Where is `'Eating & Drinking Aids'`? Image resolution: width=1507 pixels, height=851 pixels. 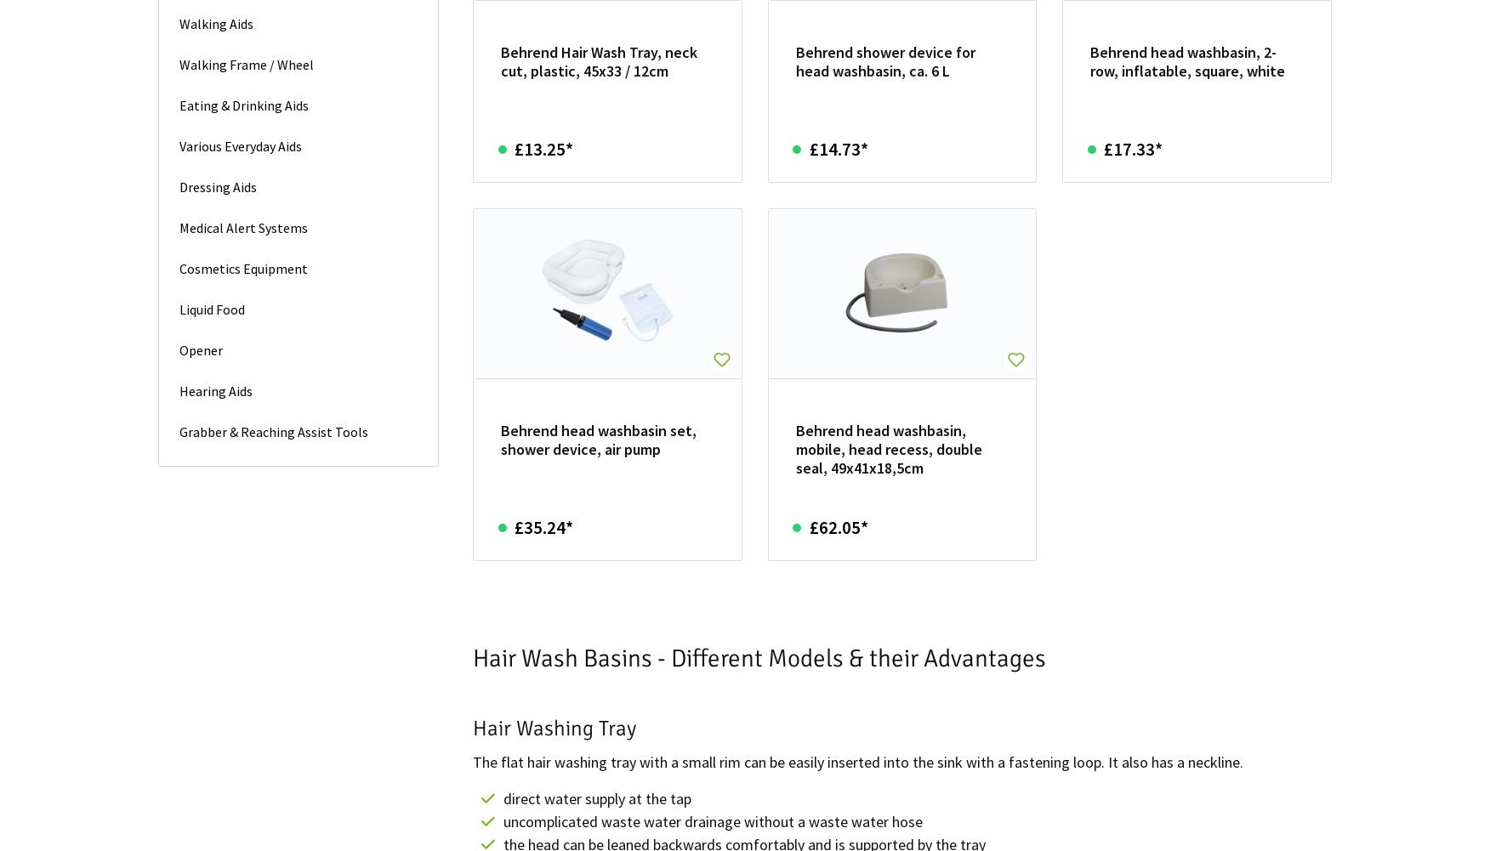 'Eating & Drinking Aids' is located at coordinates (243, 104).